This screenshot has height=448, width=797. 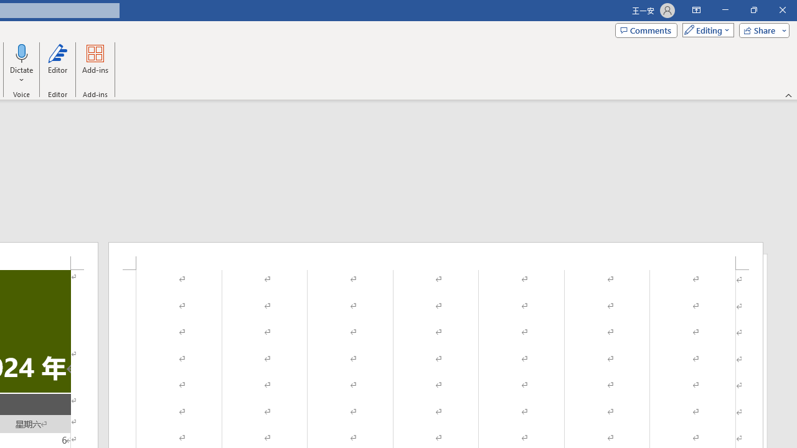 What do you see at coordinates (57, 64) in the screenshot?
I see `'Editor'` at bounding box center [57, 64].